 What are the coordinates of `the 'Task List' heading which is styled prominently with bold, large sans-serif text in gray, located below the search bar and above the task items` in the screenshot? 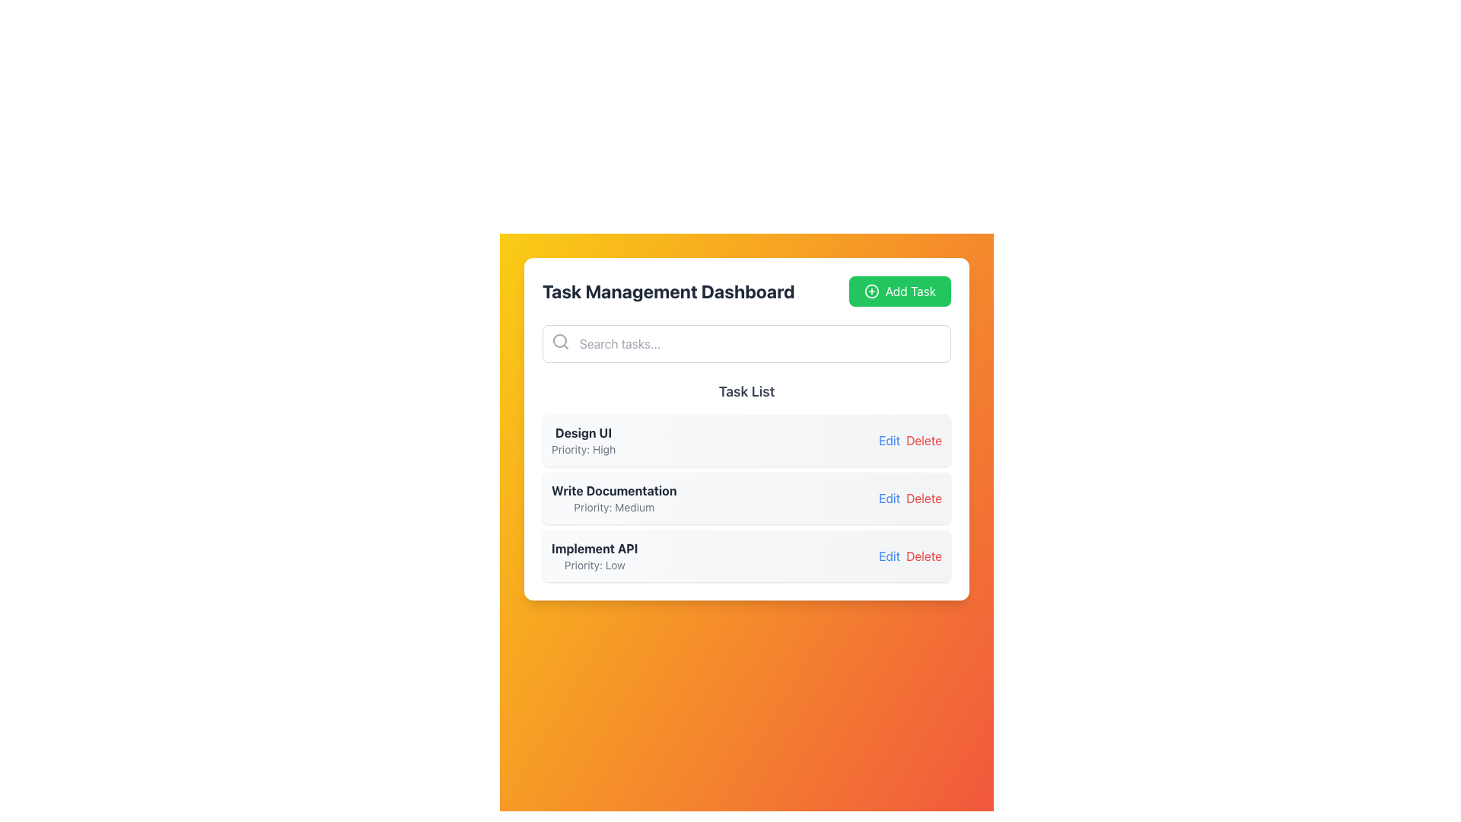 It's located at (746, 391).